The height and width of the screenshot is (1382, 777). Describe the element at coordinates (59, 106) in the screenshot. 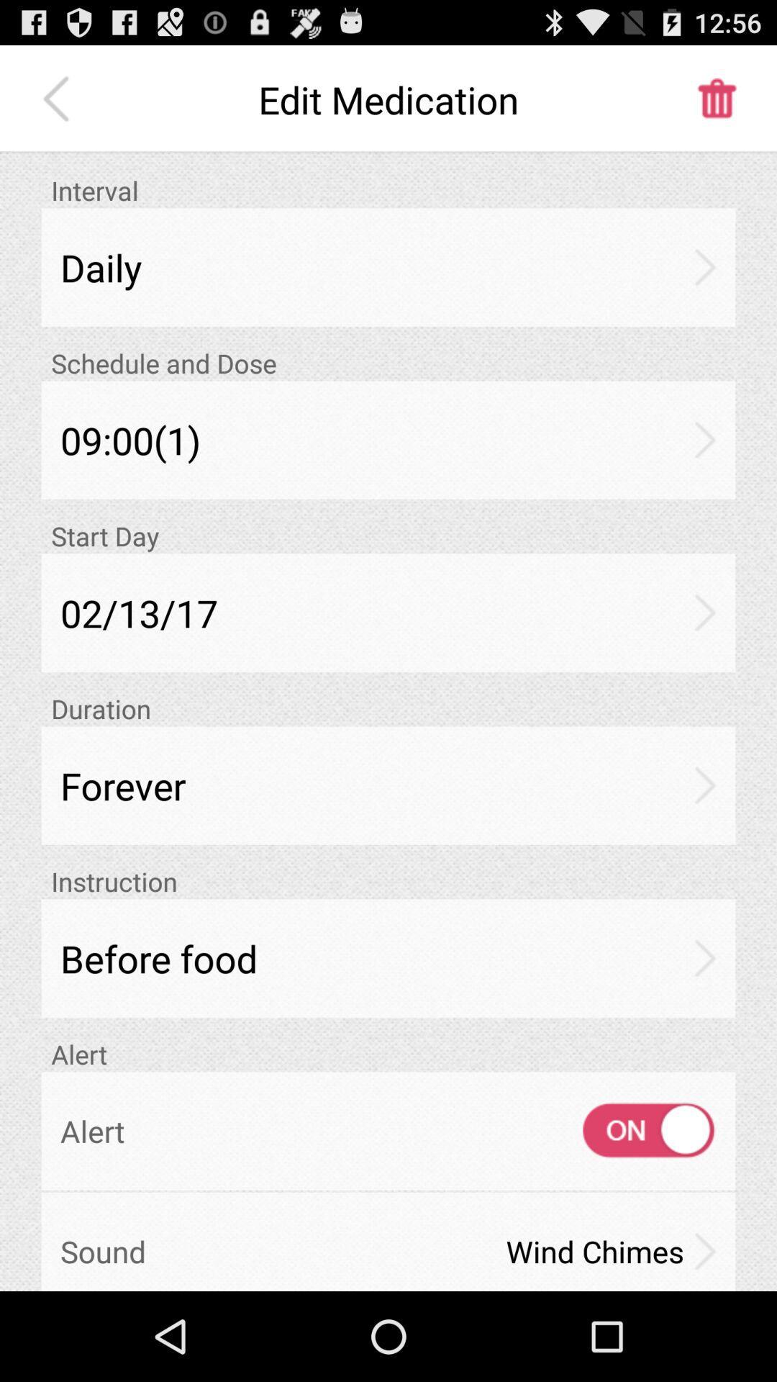

I see `the arrow_backward icon` at that location.